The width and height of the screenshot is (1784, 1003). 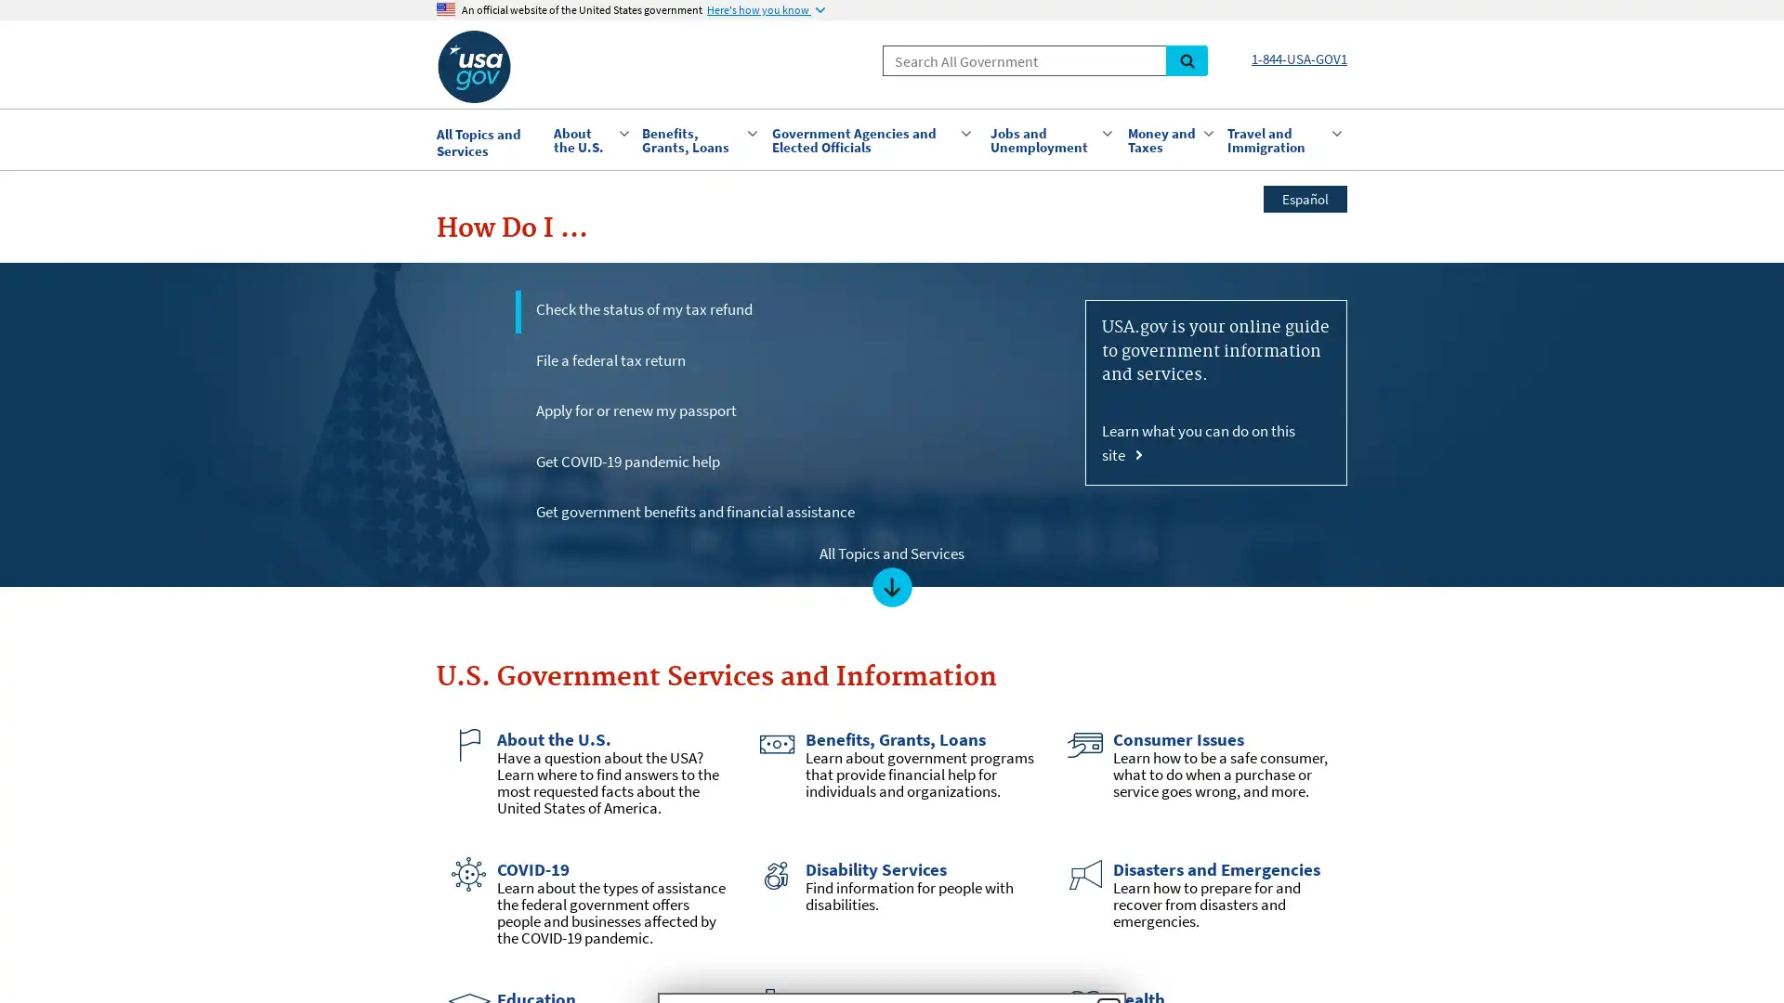 I want to click on Yes, I'll help, so click(x=802, y=553).